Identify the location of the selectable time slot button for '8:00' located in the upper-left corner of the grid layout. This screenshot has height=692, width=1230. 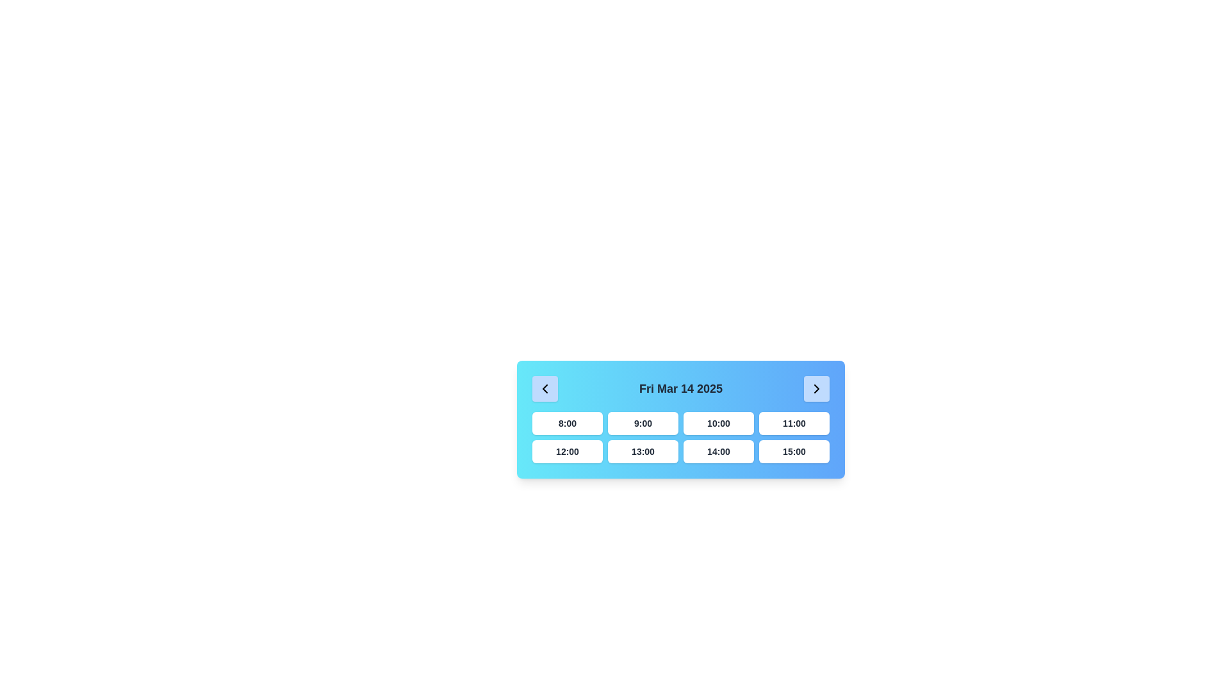
(567, 423).